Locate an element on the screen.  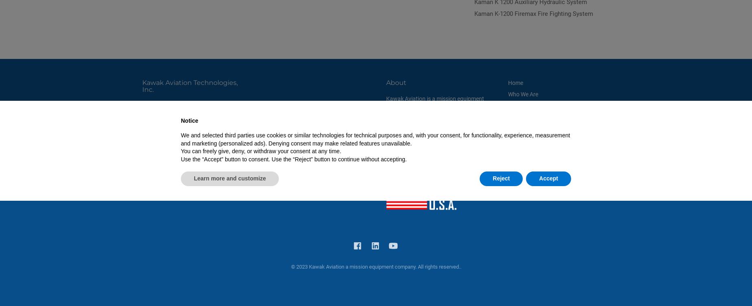
'Use the “Accept” button to consent. Use the “Reject” button to continue without accepting.' is located at coordinates (180, 158).